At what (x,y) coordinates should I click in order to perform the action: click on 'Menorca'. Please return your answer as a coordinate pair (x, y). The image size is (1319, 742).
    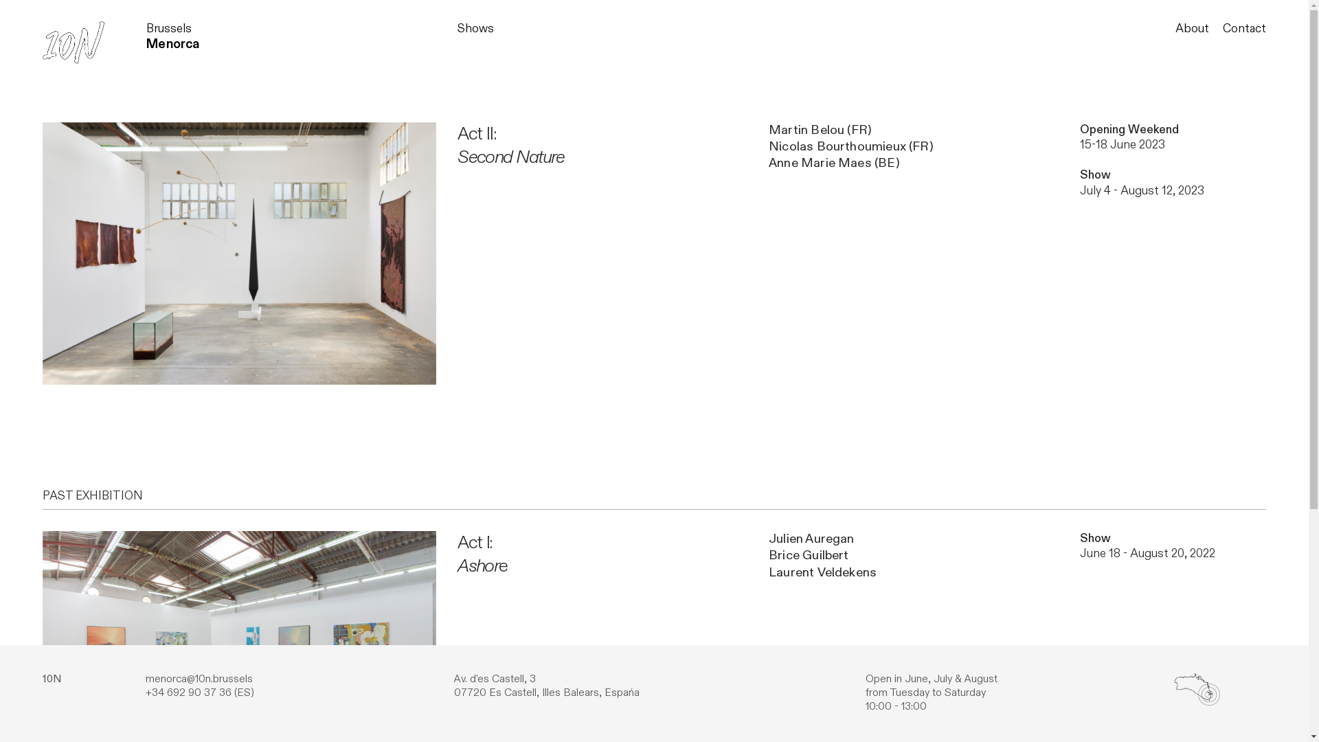
    Looking at the image, I should click on (172, 43).